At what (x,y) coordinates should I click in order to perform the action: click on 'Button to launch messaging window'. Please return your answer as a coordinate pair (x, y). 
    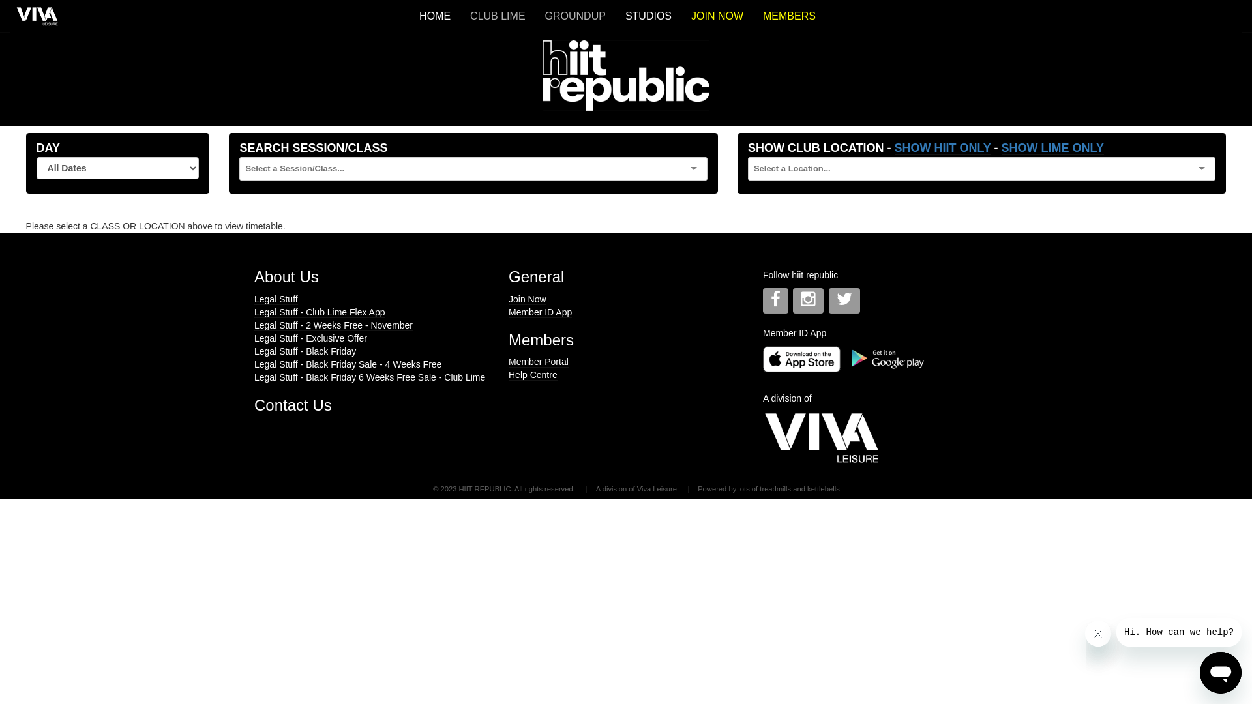
    Looking at the image, I should click on (1220, 673).